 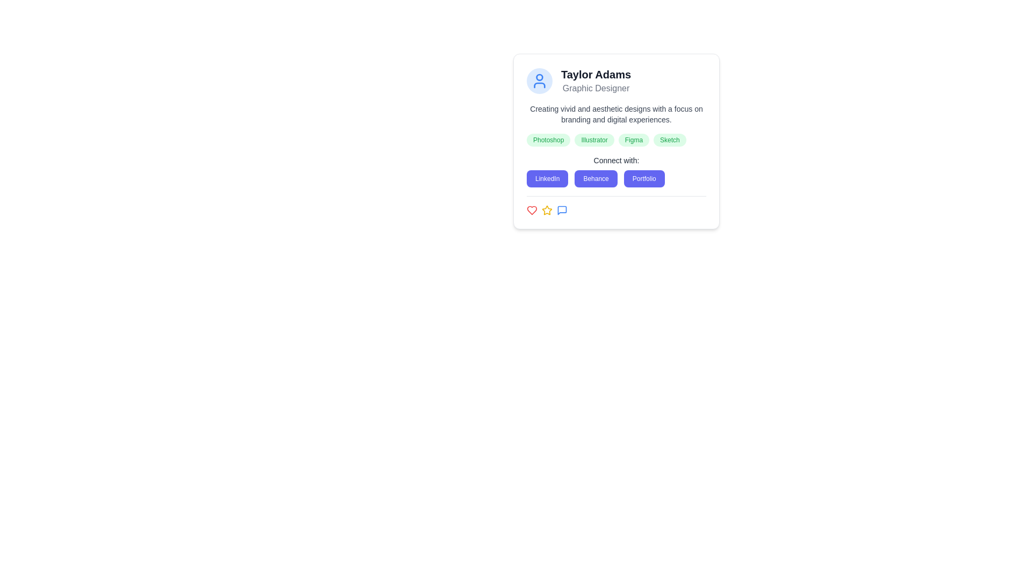 I want to click on the red heart icon located in the bottom-left corner of the profile card layout to like or favorite the associated profile, so click(x=532, y=211).